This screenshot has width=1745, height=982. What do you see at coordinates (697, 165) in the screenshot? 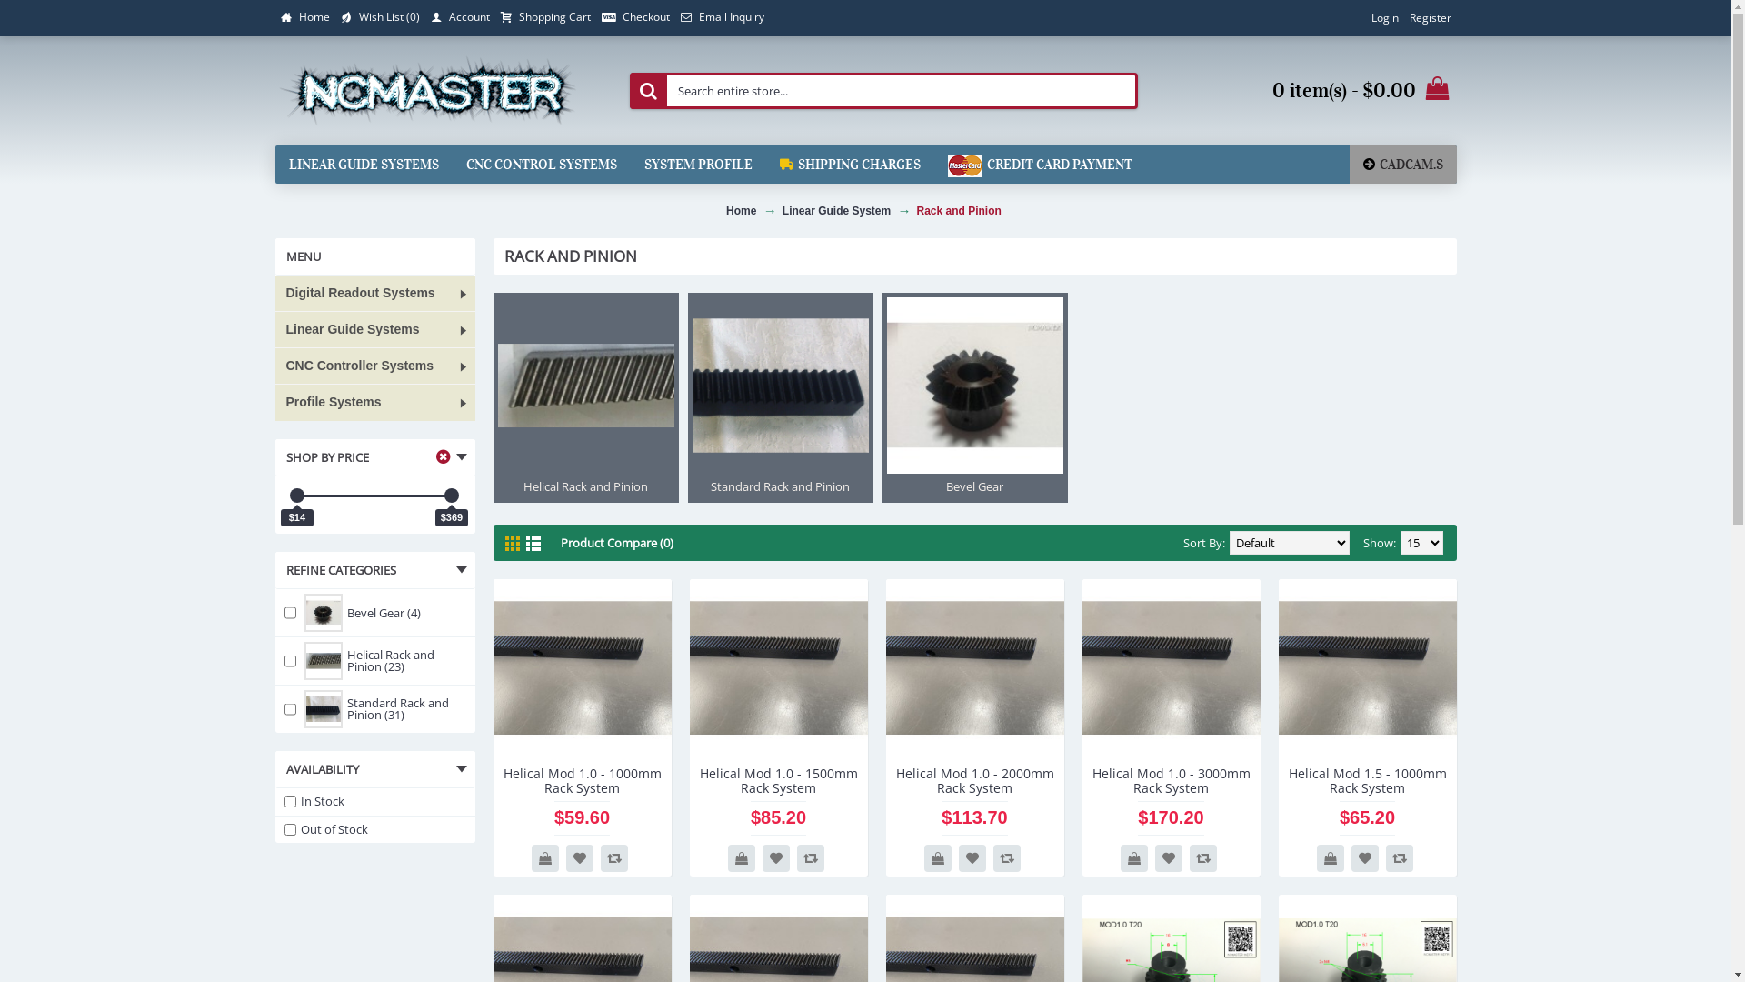
I see `'SYSTEM PROFILE'` at bounding box center [697, 165].